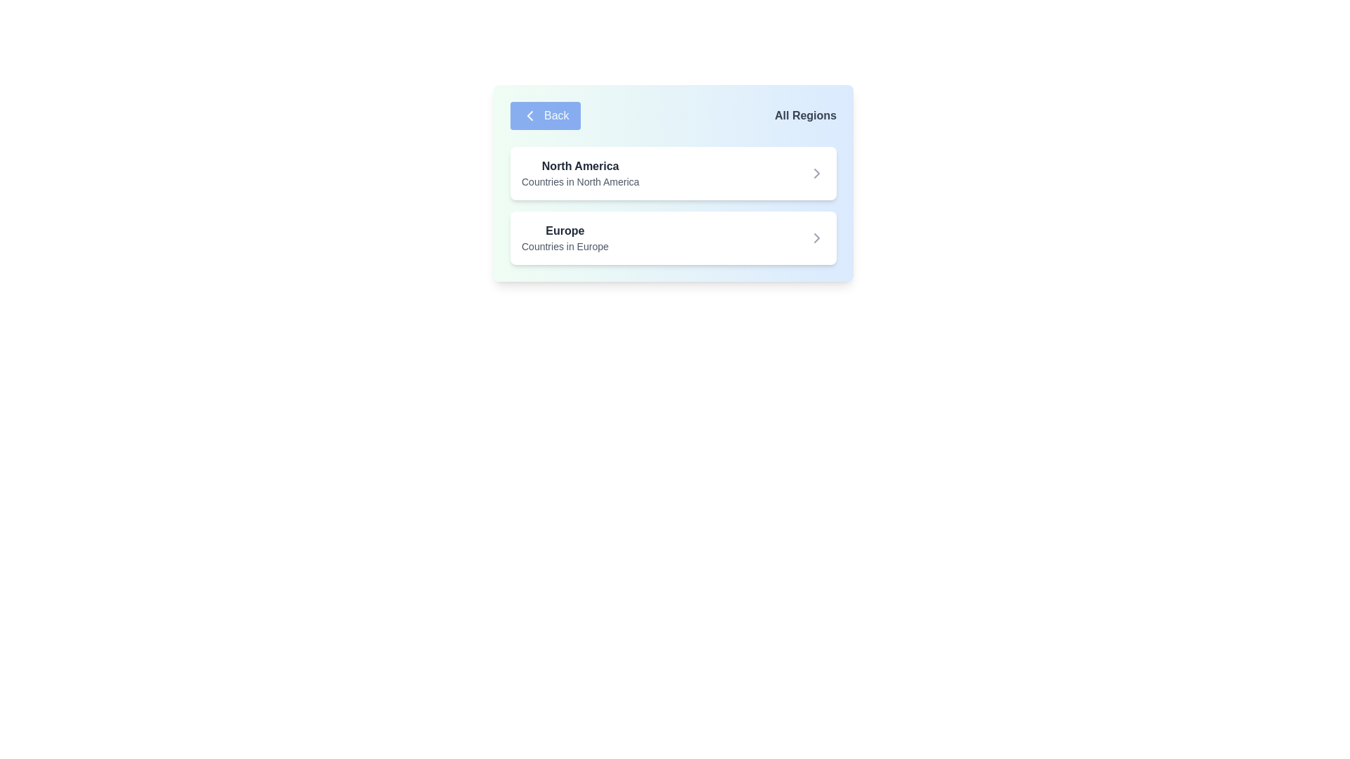 The image size is (1350, 759). What do you see at coordinates (816, 238) in the screenshot?
I see `the navigation icon button located to the far right of the 'Europe' section` at bounding box center [816, 238].